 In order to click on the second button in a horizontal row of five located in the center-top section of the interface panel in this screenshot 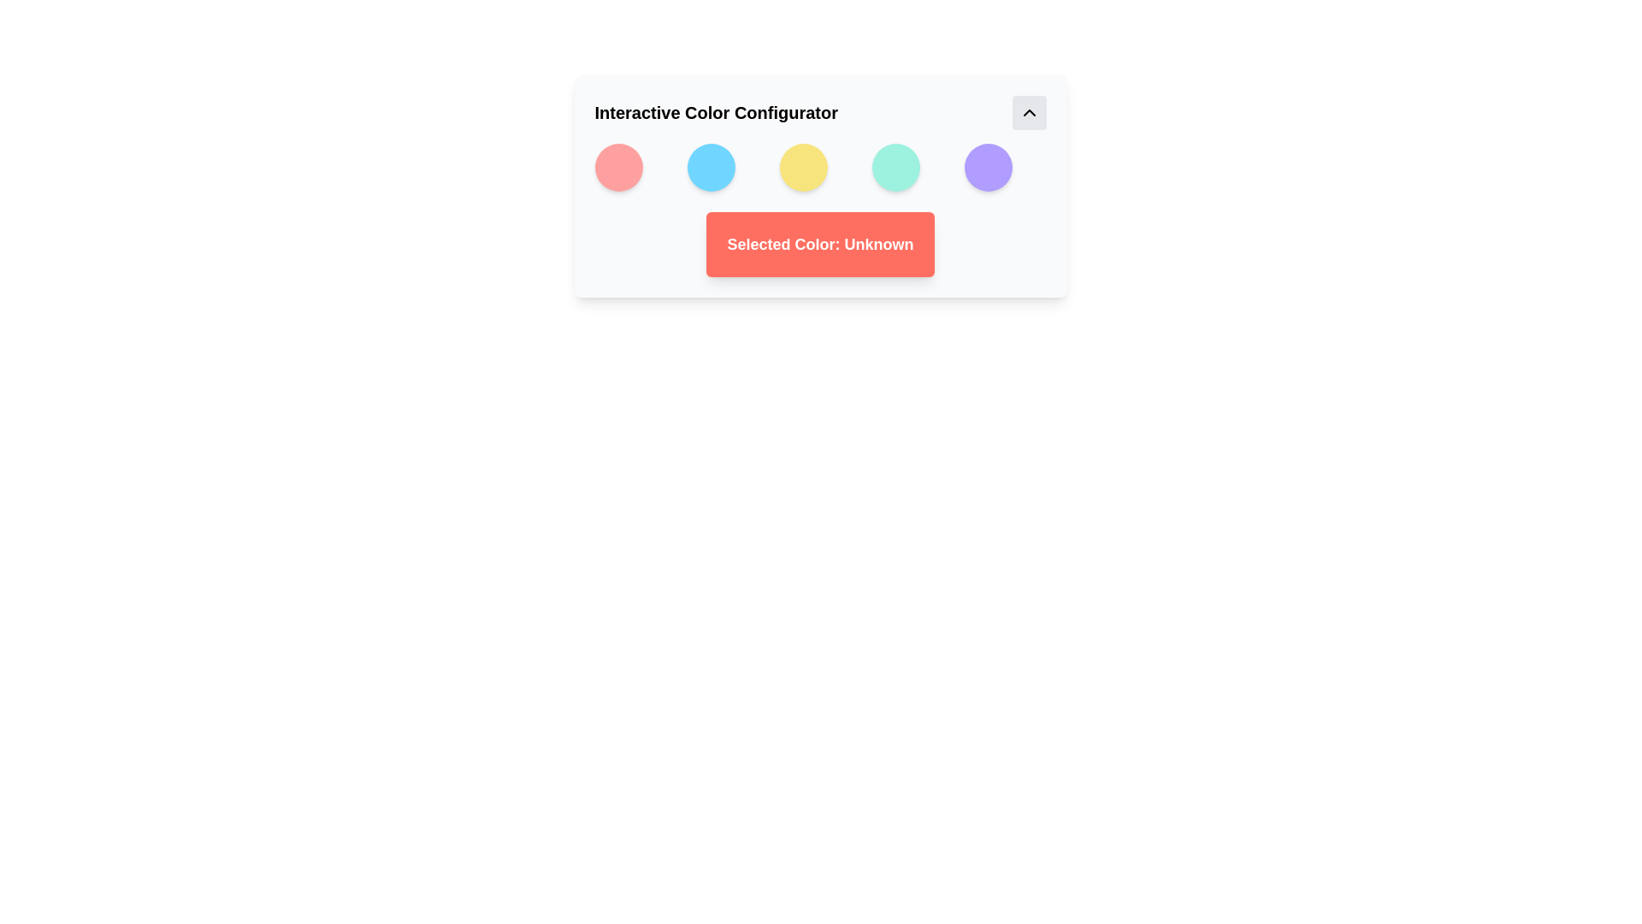, I will do `click(711, 168)`.